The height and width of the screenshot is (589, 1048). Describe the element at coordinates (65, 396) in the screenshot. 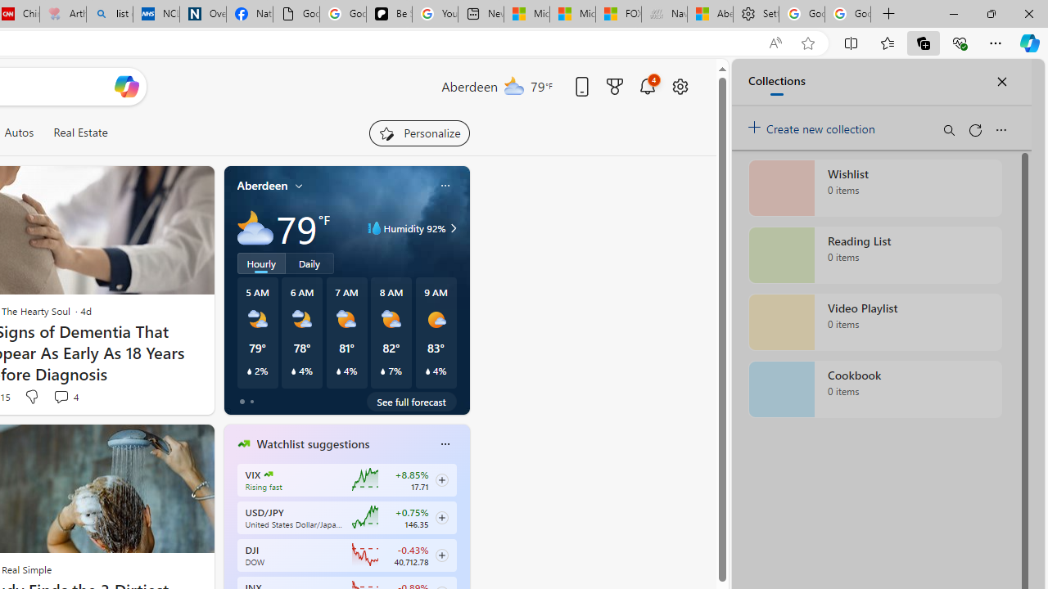

I see `'View comments 4 Comment'` at that location.